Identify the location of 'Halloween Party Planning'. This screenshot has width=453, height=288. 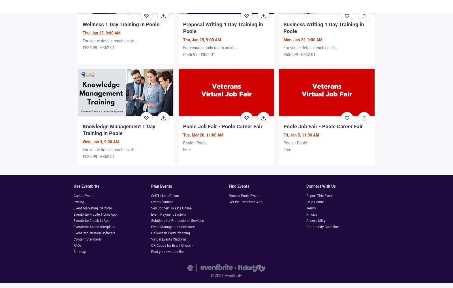
(170, 233).